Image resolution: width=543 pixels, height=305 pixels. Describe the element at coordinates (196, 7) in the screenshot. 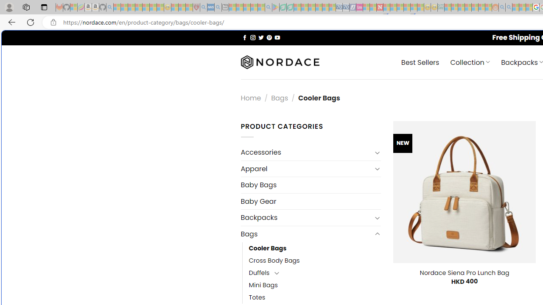

I see `'Robert H. Shmerling, MD - Harvard Health - Sleeping'` at that location.